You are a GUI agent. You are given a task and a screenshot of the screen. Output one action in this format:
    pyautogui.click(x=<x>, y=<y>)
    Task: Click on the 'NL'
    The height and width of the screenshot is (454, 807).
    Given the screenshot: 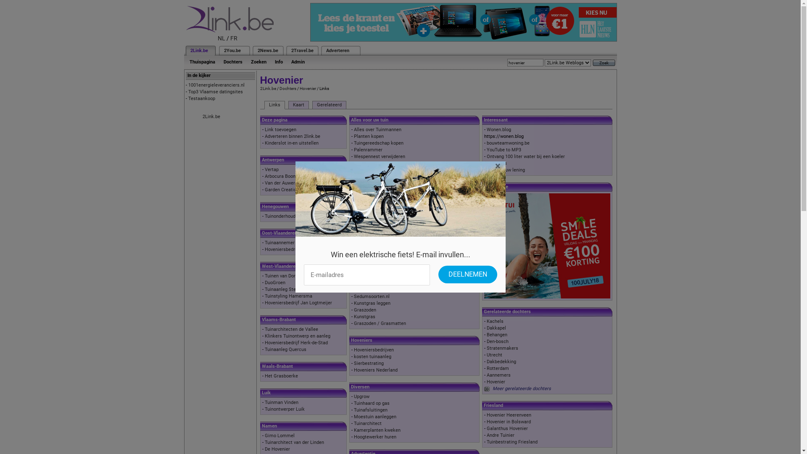 What is the action you would take?
    pyautogui.click(x=222, y=38)
    